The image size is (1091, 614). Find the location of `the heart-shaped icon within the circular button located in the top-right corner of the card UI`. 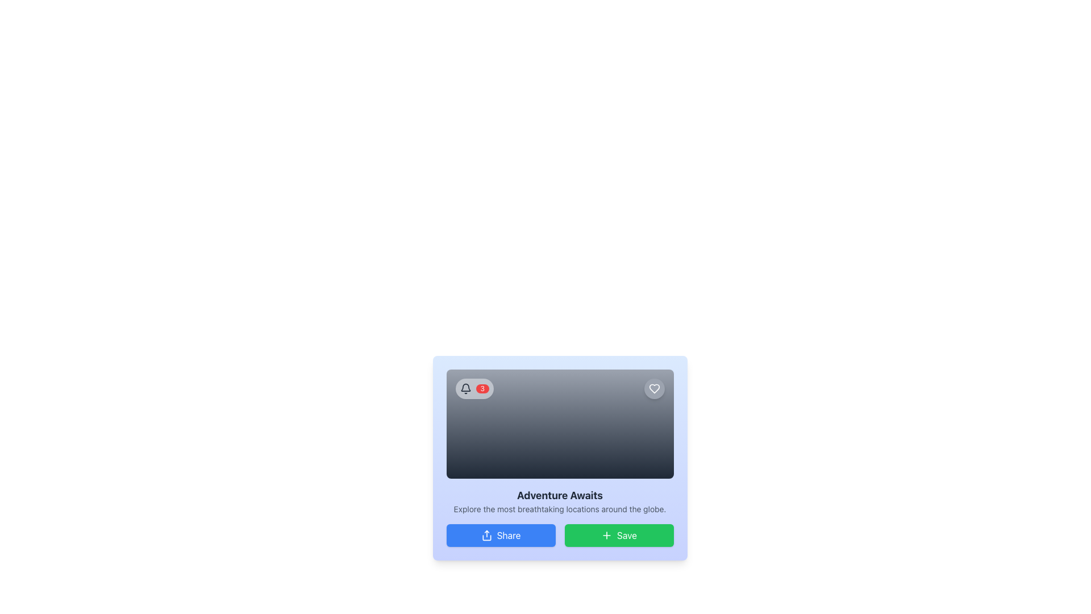

the heart-shaped icon within the circular button located in the top-right corner of the card UI is located at coordinates (654, 388).